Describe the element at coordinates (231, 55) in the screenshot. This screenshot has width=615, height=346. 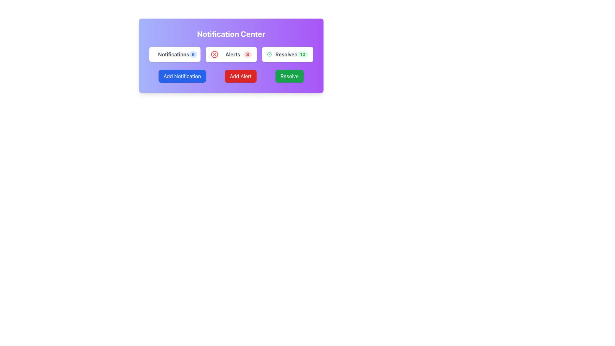
I see `the buttons in the 'Notification Center' panel, which includes 'Add Notification', 'Add Alert', and 'Resolve' actions` at that location.